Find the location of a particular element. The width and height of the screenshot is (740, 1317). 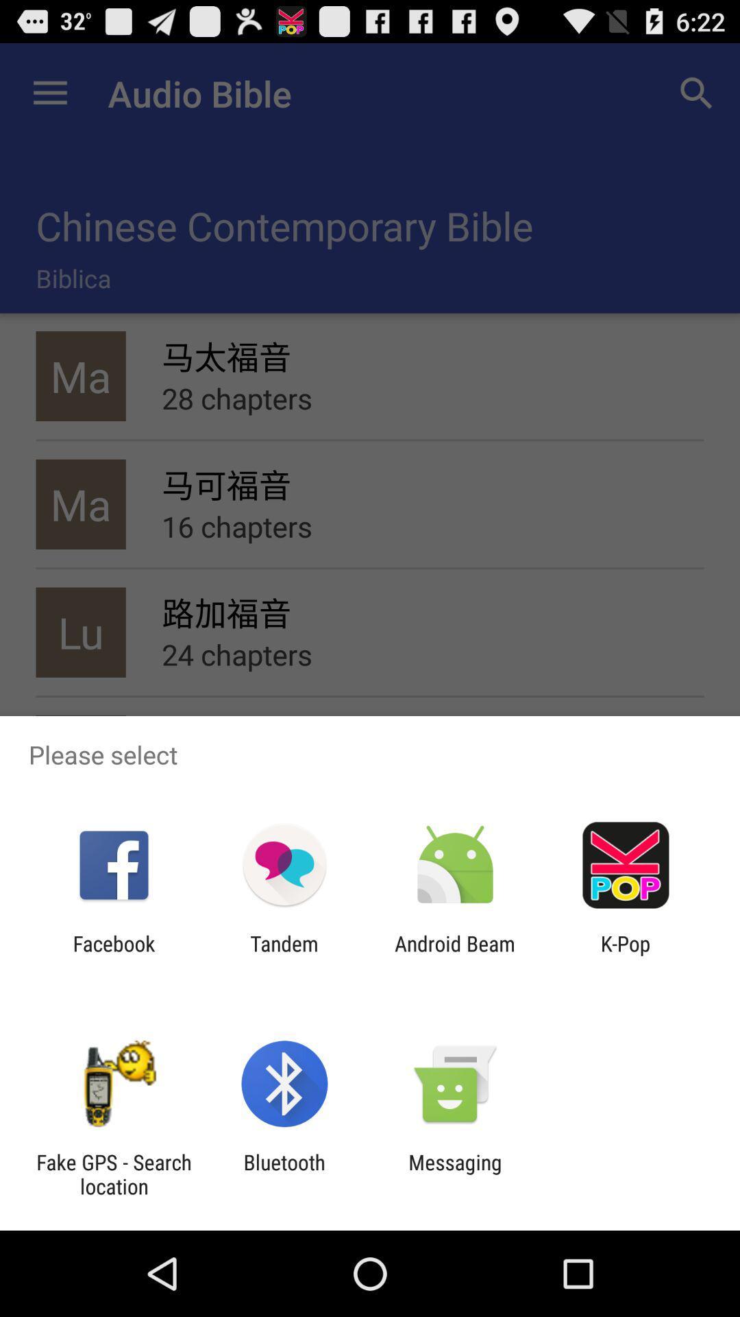

messaging icon is located at coordinates (455, 1174).